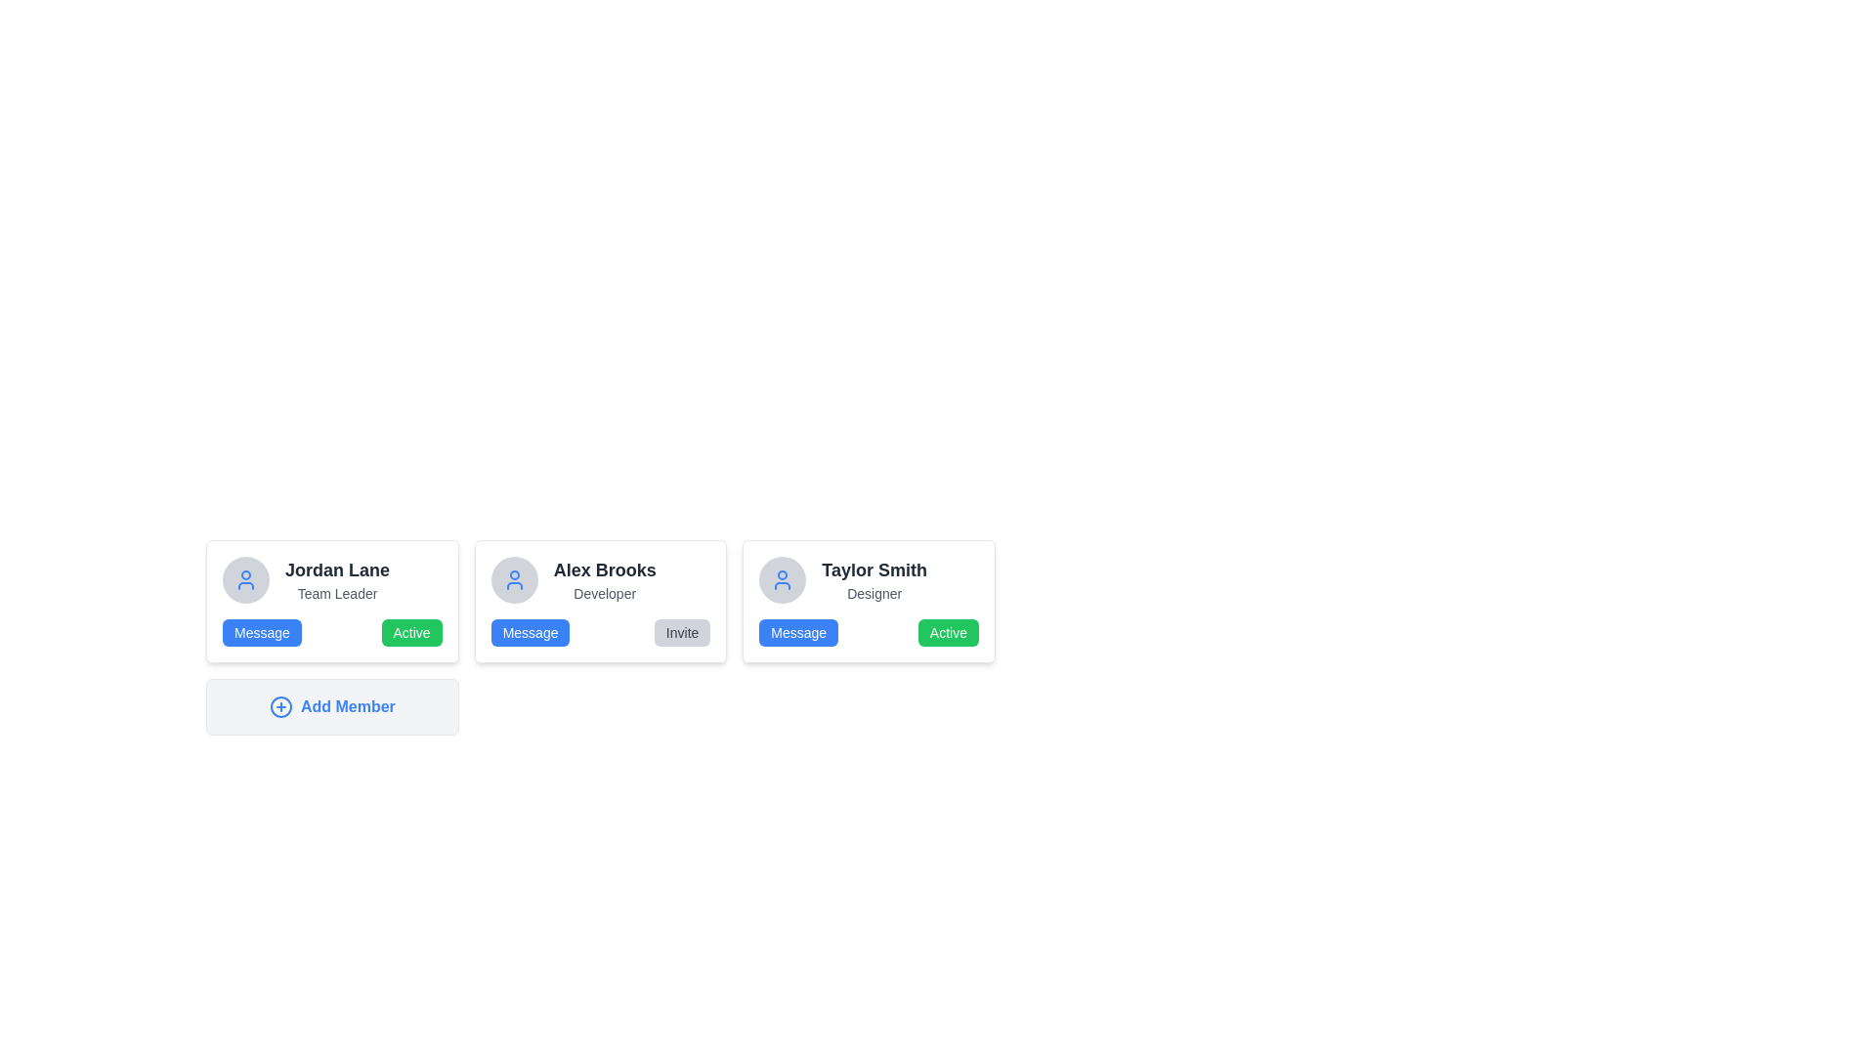  What do you see at coordinates (874, 570) in the screenshot?
I see `the text label displaying 'Taylor Smith', which is styled in a bold large font and located above the smaller text 'Designer' on the user card` at bounding box center [874, 570].